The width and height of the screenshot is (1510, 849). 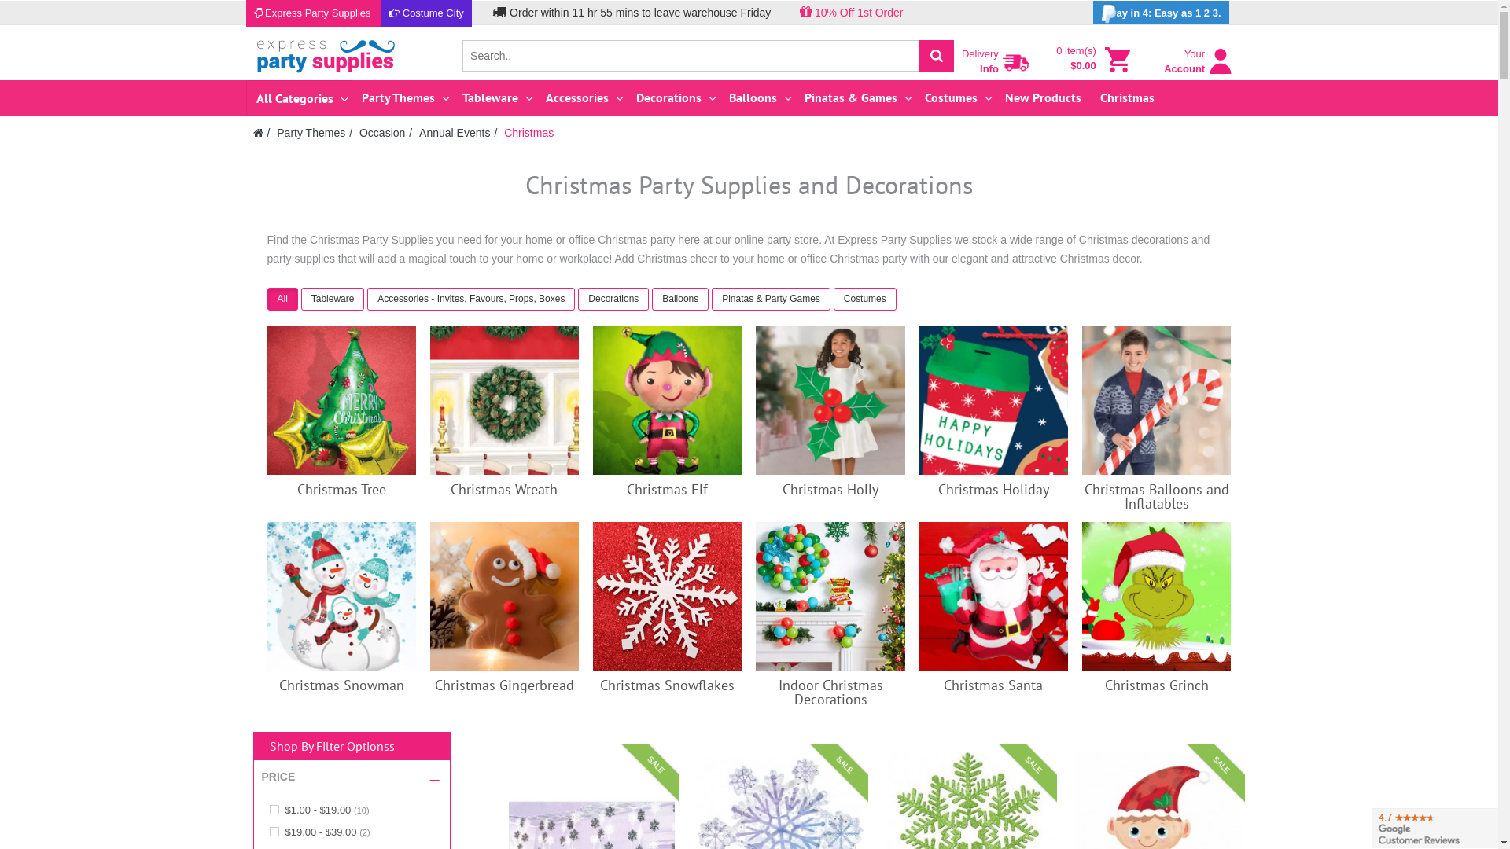 I want to click on 'Christmas Santa', so click(x=919, y=596).